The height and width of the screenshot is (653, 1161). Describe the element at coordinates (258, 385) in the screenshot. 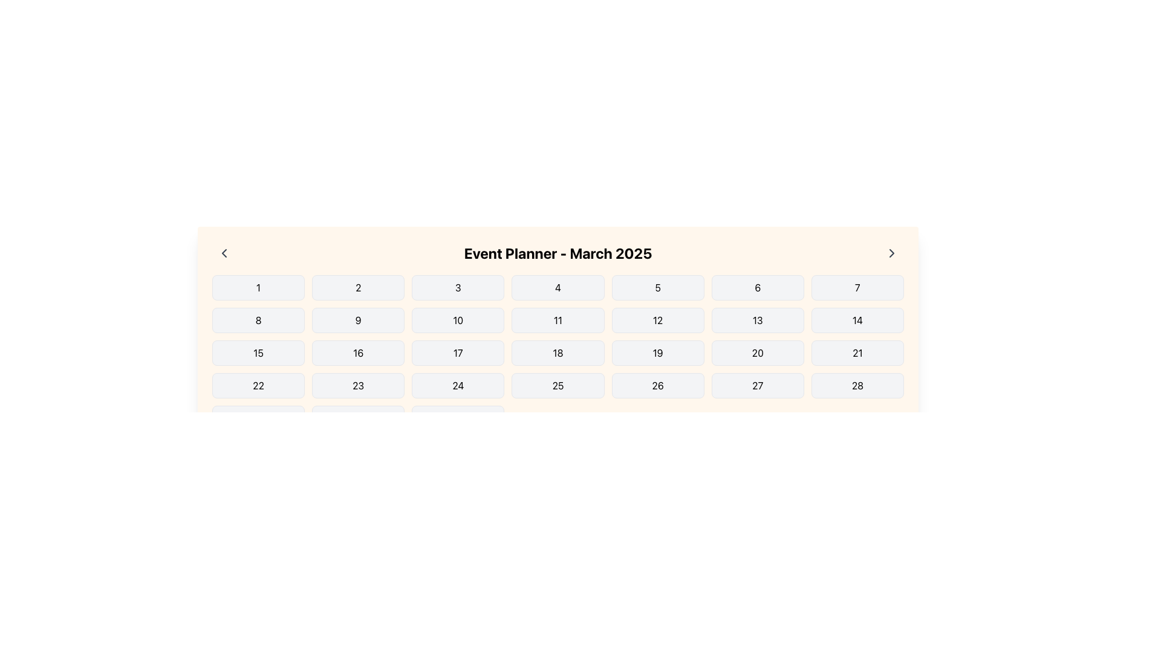

I see `the button displaying the number '22' in the calendar grid, located in the fourth row and first column` at that location.